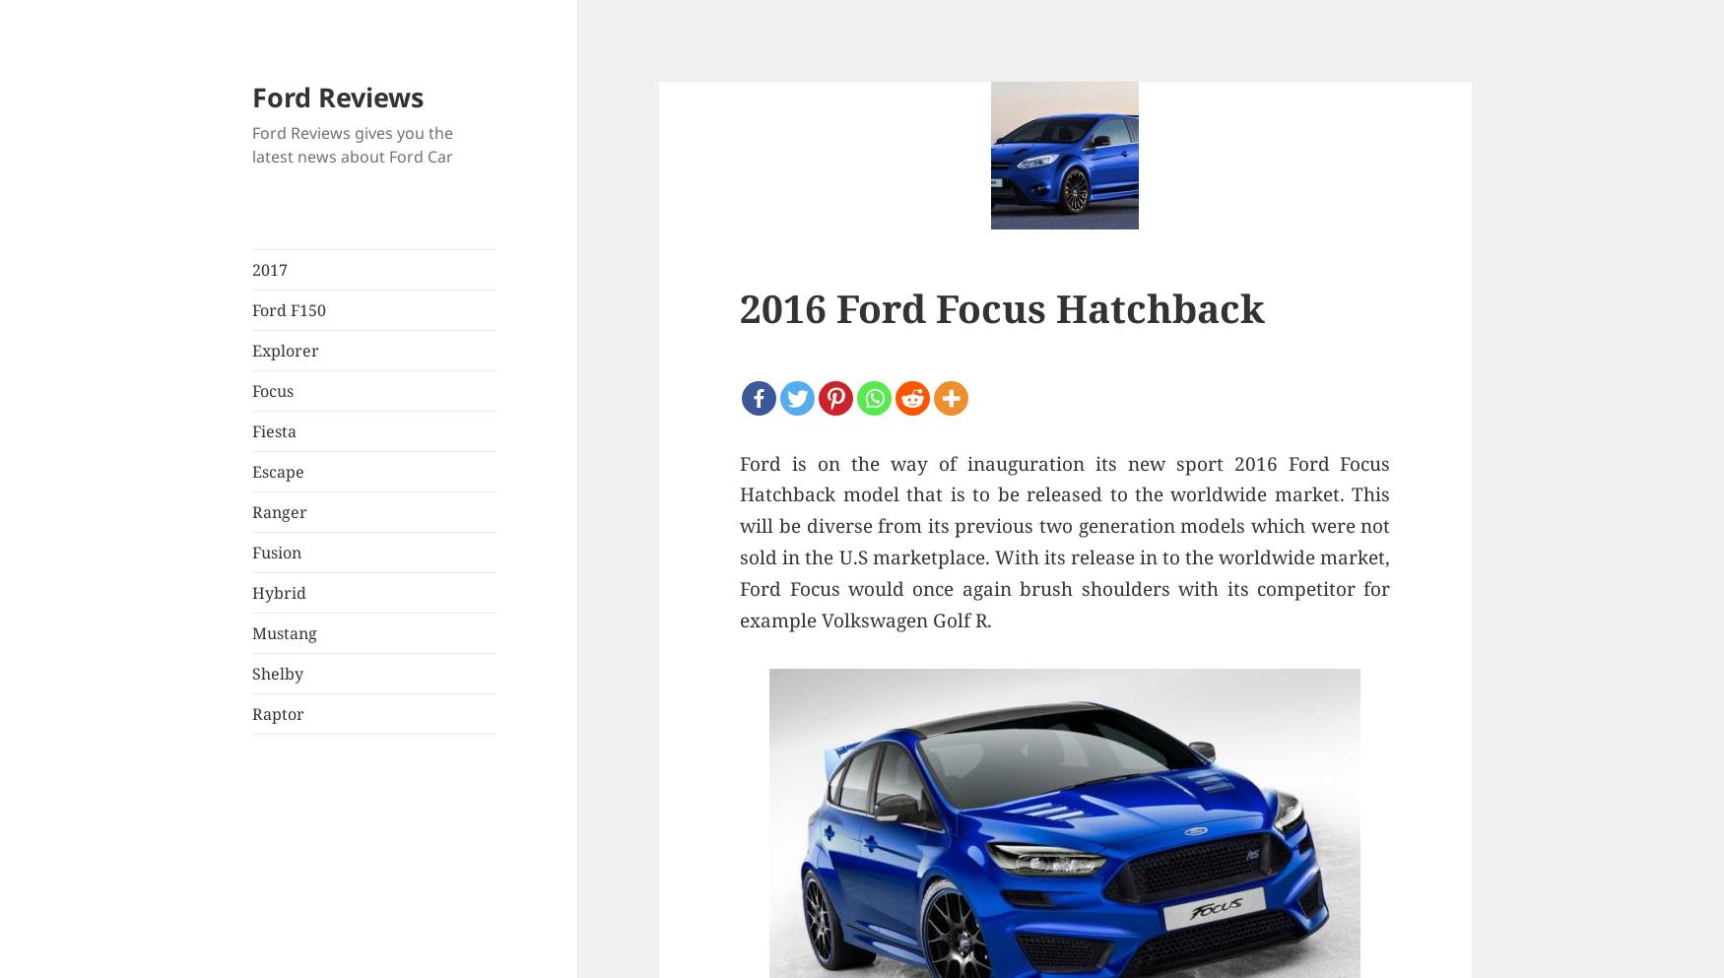  Describe the element at coordinates (278, 592) in the screenshot. I see `'Hybrid'` at that location.